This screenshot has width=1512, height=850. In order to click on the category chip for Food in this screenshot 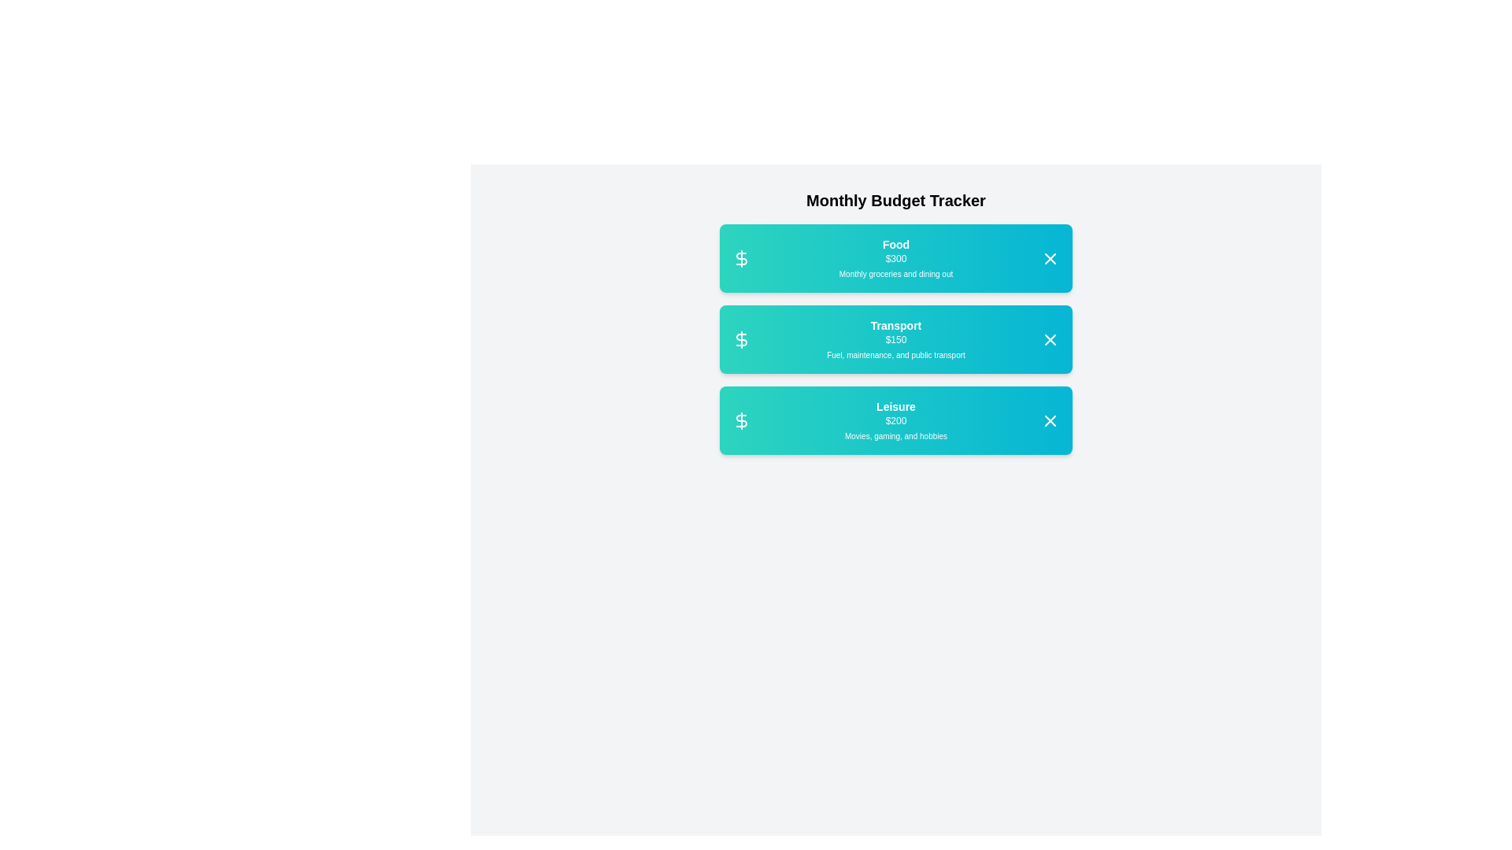, I will do `click(895, 257)`.